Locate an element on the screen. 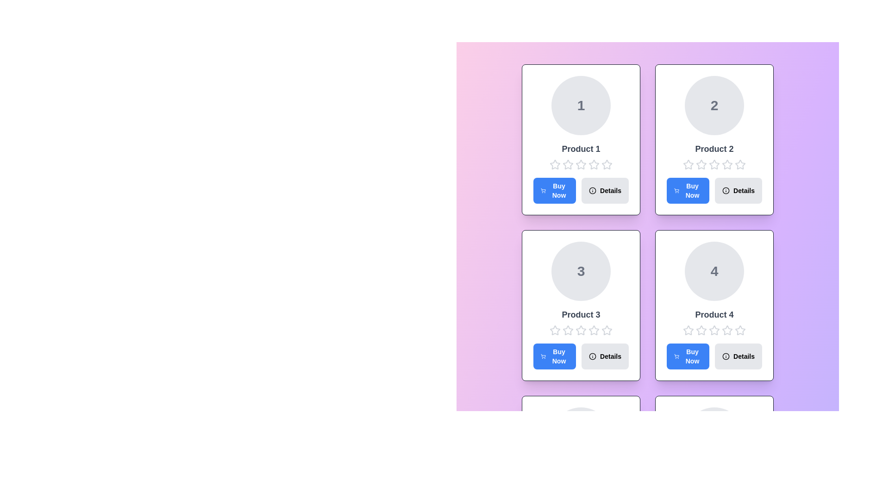  the rating for a product to 1 stars is located at coordinates (555, 164).